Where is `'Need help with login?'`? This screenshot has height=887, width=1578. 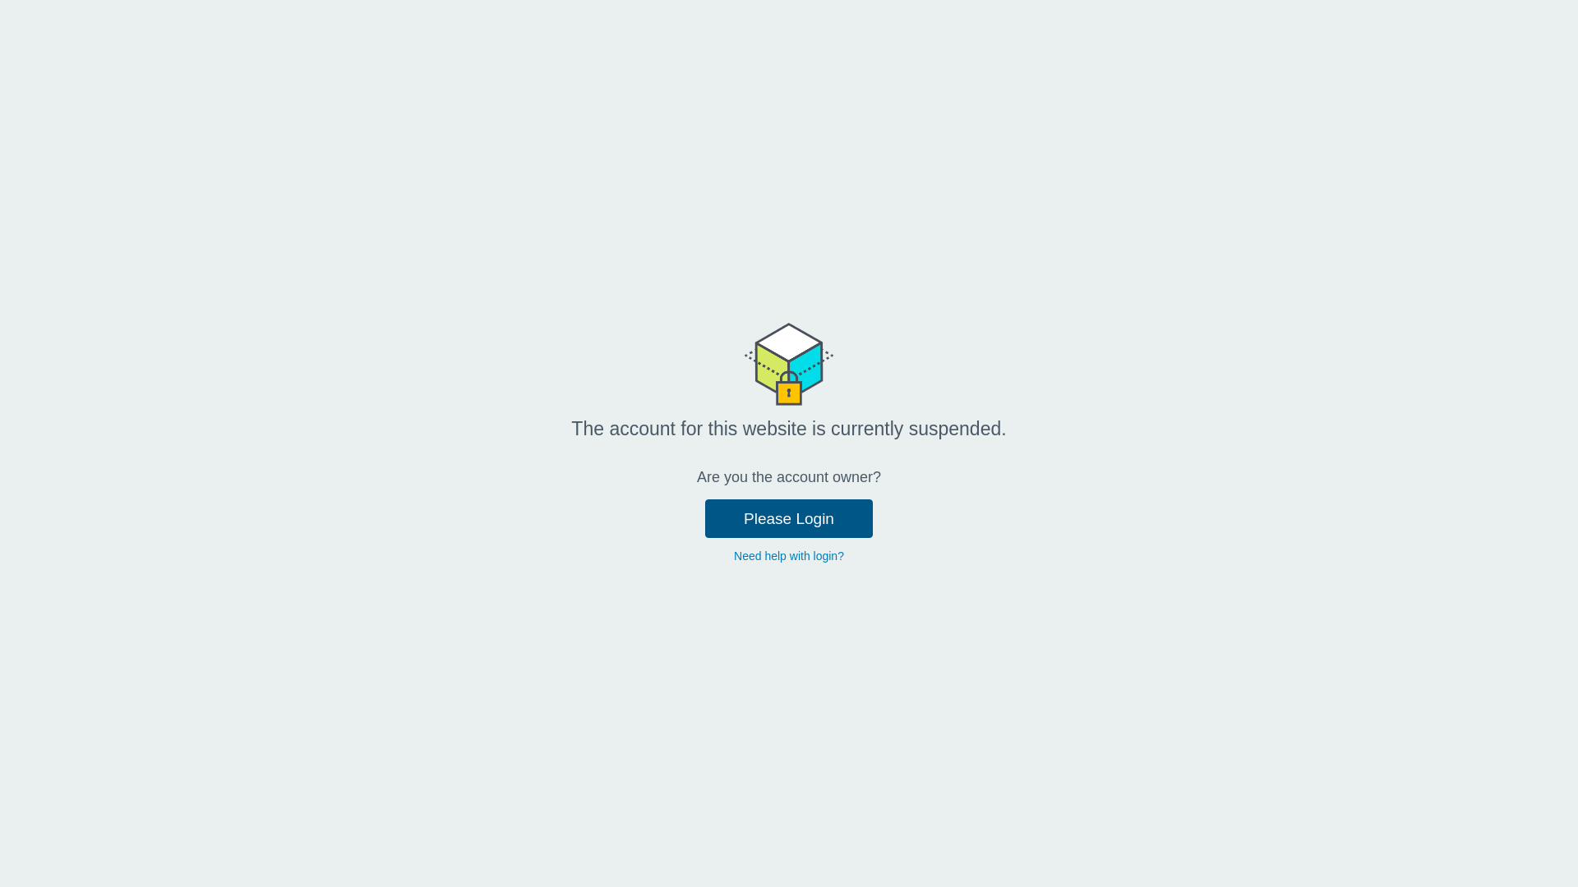 'Need help with login?' is located at coordinates (789, 555).